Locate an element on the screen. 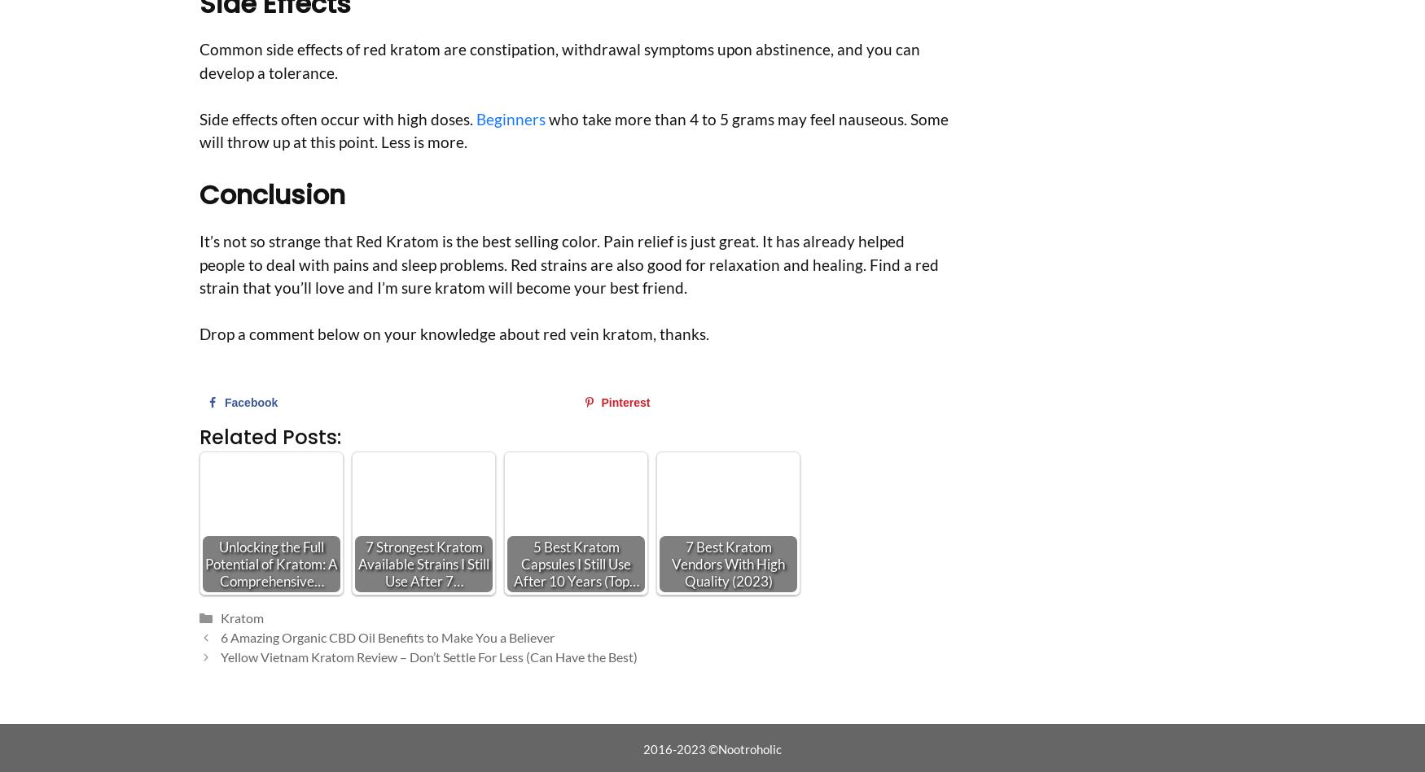 This screenshot has height=772, width=1425. '7 Strongest Kratom Available Strains I Still Use After 7…' is located at coordinates (423, 563).